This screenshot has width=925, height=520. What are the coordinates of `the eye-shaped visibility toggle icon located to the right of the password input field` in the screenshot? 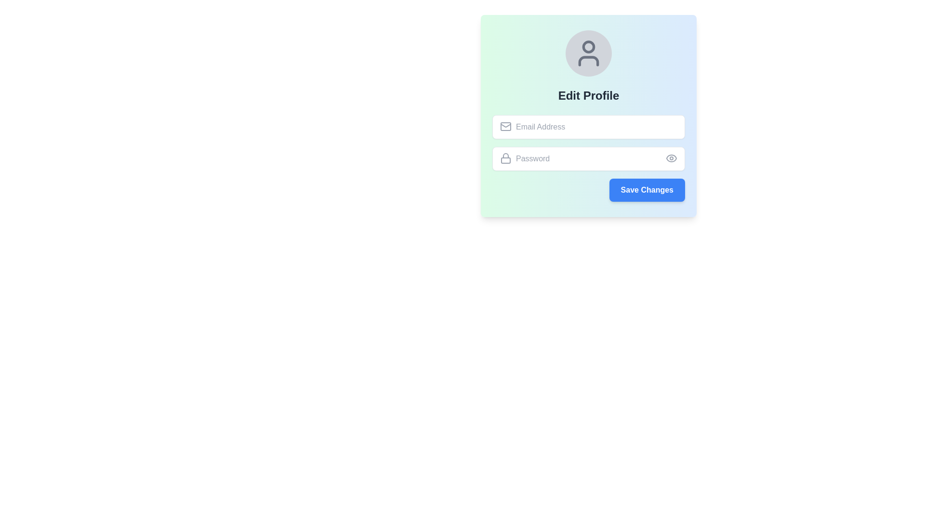 It's located at (671, 157).